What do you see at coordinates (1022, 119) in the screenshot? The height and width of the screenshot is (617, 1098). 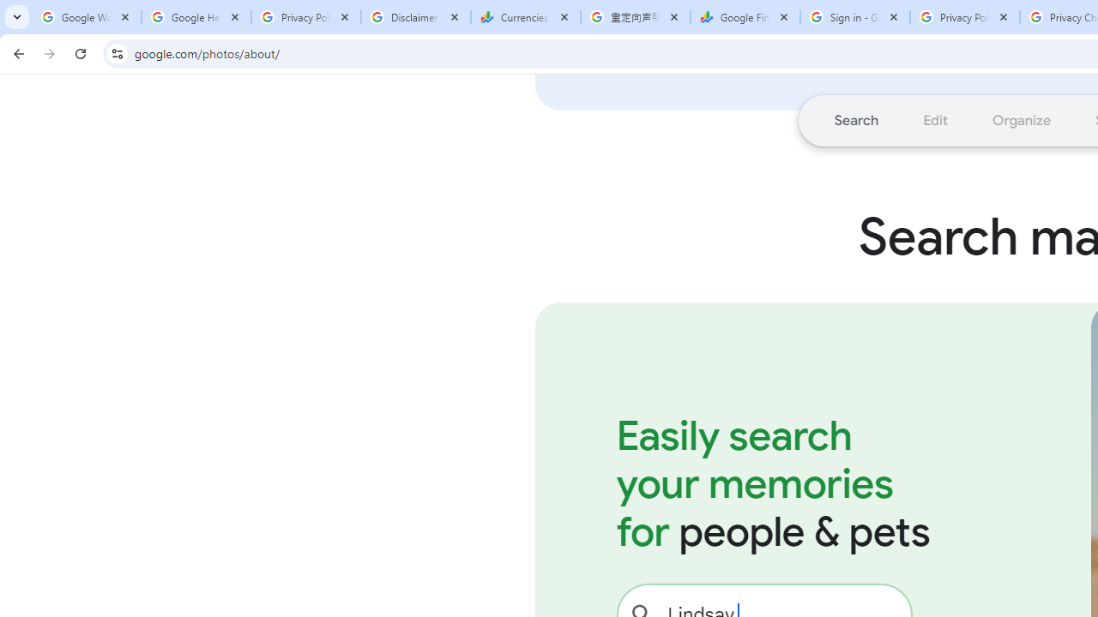 I see `'Go to section: Organize'` at bounding box center [1022, 119].